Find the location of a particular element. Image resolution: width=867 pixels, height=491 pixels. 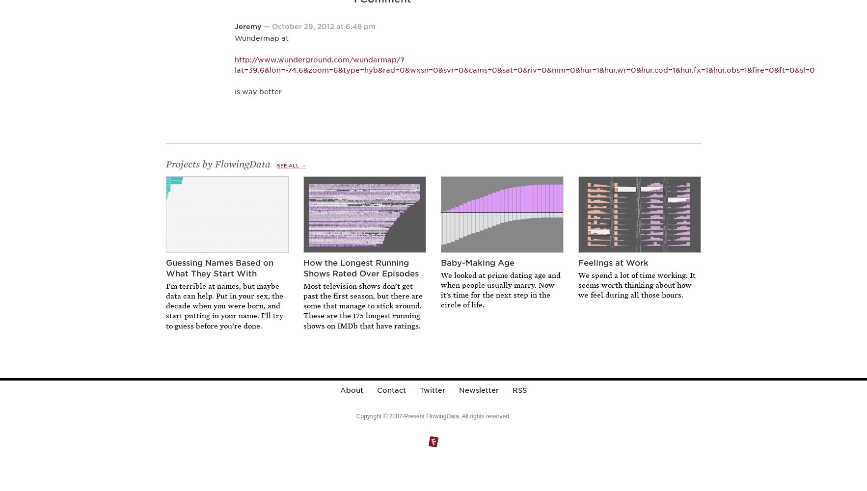

'Newsletter' is located at coordinates (478, 390).